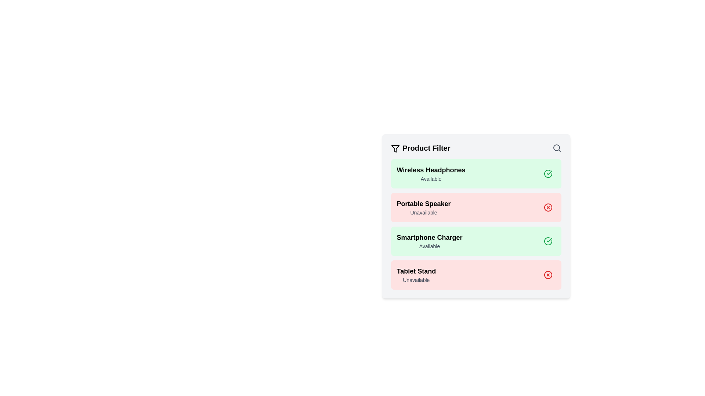  Describe the element at coordinates (430, 241) in the screenshot. I see `the 'Smartphone Charger' text display element that indicates the product's availability, positioned in the lower-middle part of a card under 'Product Filter'` at that location.